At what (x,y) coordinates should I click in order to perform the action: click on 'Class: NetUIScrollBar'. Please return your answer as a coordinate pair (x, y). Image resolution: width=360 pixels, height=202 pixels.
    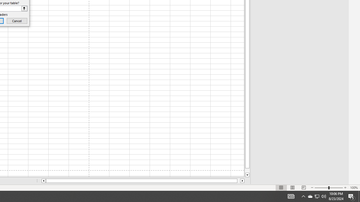
    Looking at the image, I should click on (143, 181).